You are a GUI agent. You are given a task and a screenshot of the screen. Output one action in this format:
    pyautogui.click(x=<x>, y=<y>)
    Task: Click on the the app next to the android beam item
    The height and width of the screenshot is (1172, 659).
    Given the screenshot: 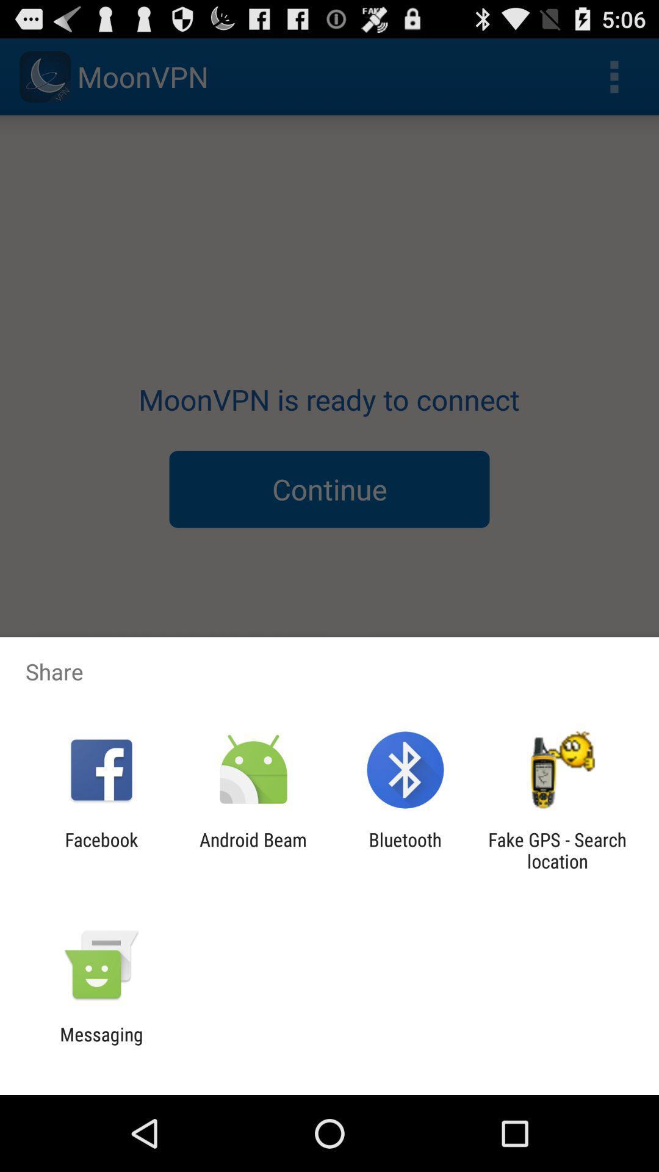 What is the action you would take?
    pyautogui.click(x=405, y=850)
    